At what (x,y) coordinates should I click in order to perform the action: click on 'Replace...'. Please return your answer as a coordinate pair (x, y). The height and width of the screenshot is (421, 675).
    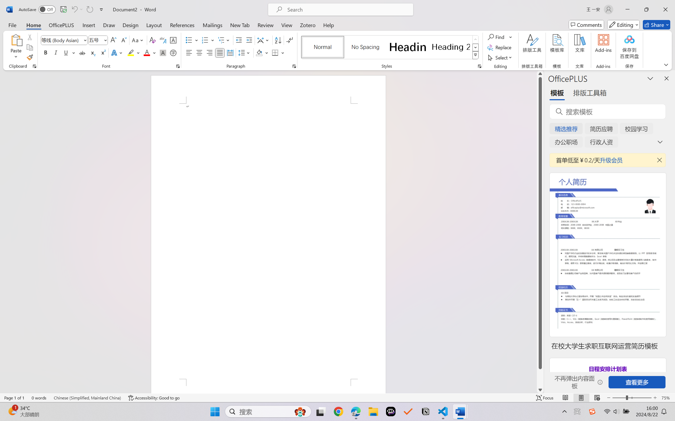
    Looking at the image, I should click on (500, 47).